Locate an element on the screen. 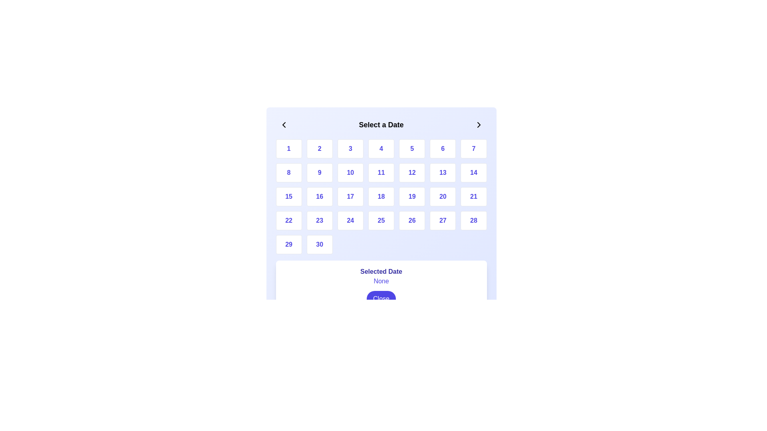 Image resolution: width=767 pixels, height=431 pixels. any number in the grid of clickable buttons is located at coordinates (381, 197).